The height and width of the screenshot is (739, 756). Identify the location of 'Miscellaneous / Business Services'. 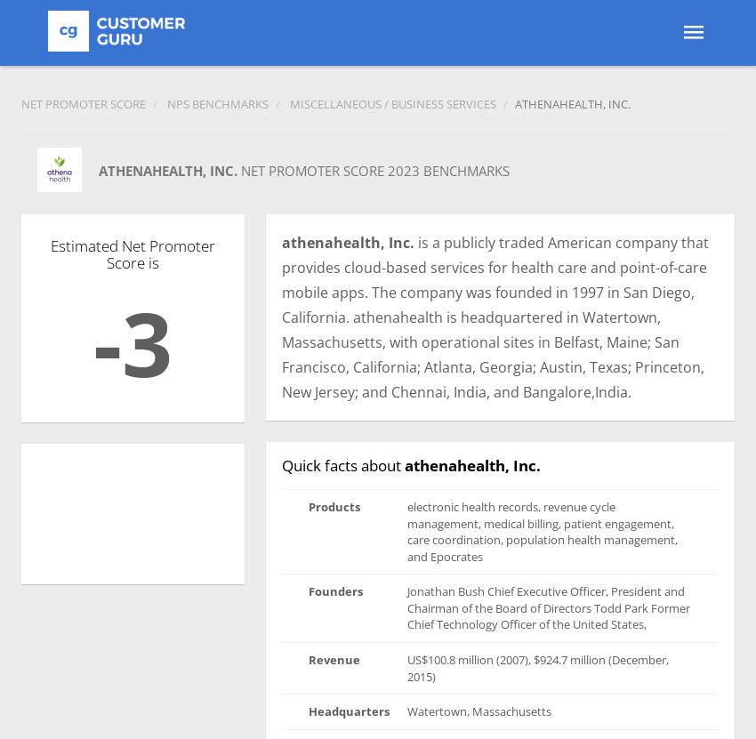
(289, 104).